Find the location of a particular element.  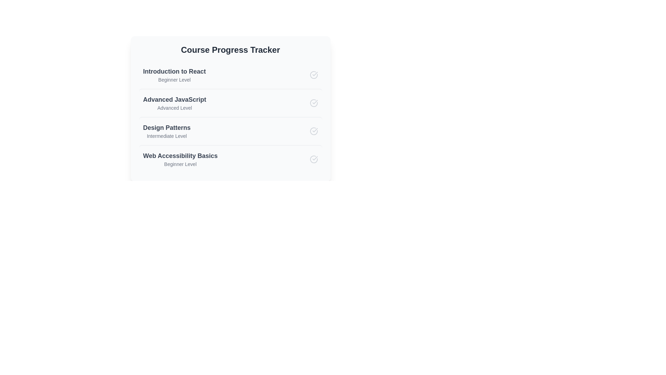

the label that describes content related to 'Advanced JavaScript' at an 'Advanced Level' of difficulty, which is located below 'Introduction to React' and above 'Design Patterns' is located at coordinates (174, 103).